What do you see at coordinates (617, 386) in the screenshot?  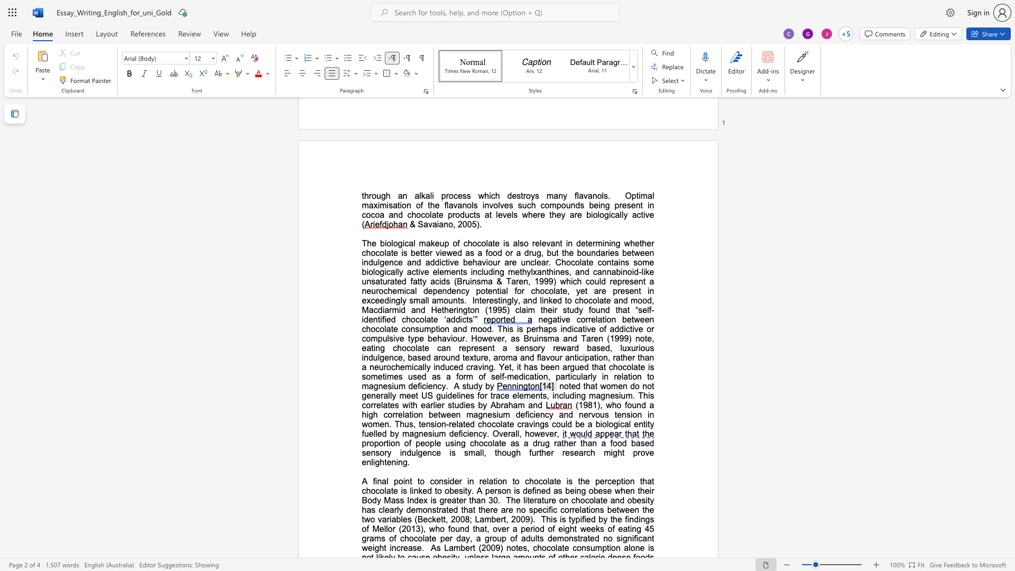 I see `the space between the continuous character "m" and "e" in the text` at bounding box center [617, 386].